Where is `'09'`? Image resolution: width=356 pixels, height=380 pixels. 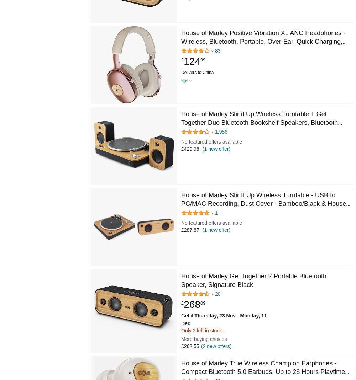 '09' is located at coordinates (202, 303).